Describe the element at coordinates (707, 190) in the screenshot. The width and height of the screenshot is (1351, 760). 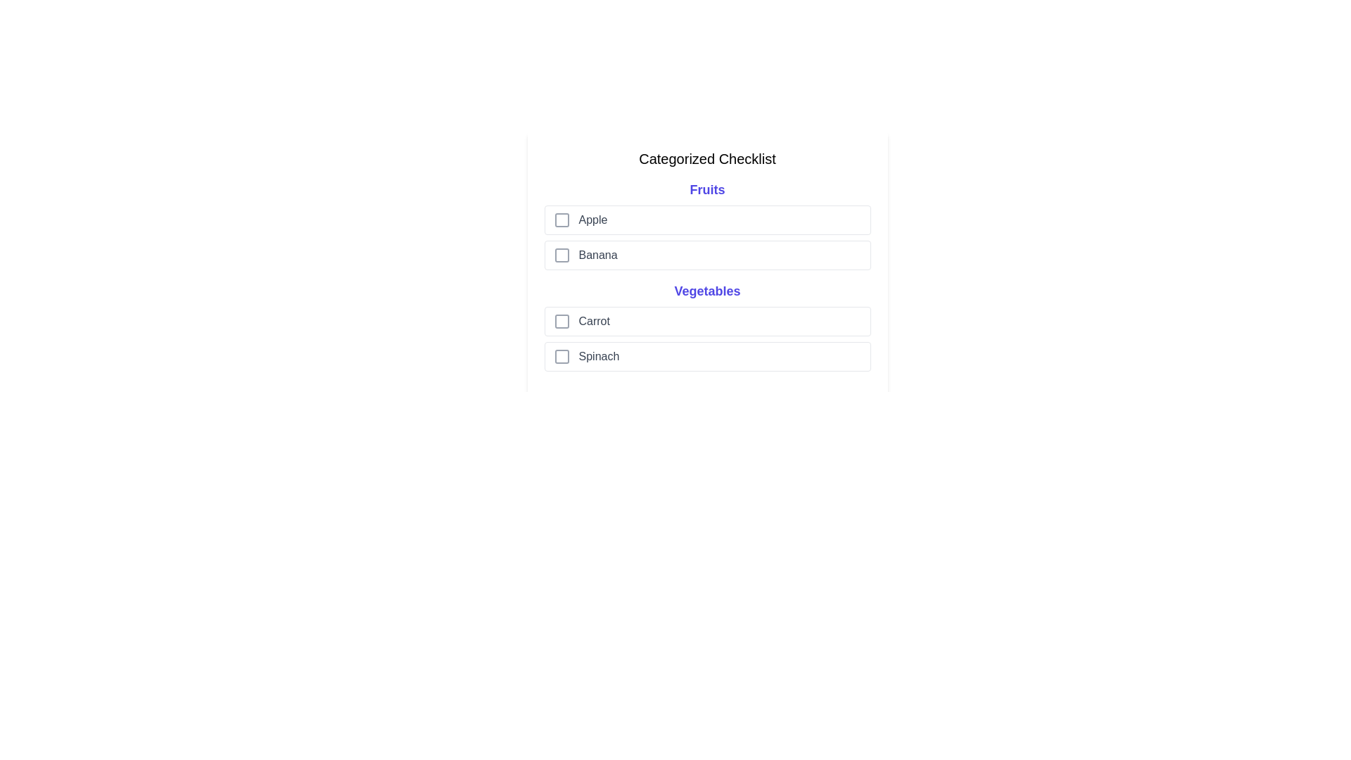
I see `the 'Fruits' category text label, which is positioned at the top of the item list and is centered horizontally in the interface` at that location.